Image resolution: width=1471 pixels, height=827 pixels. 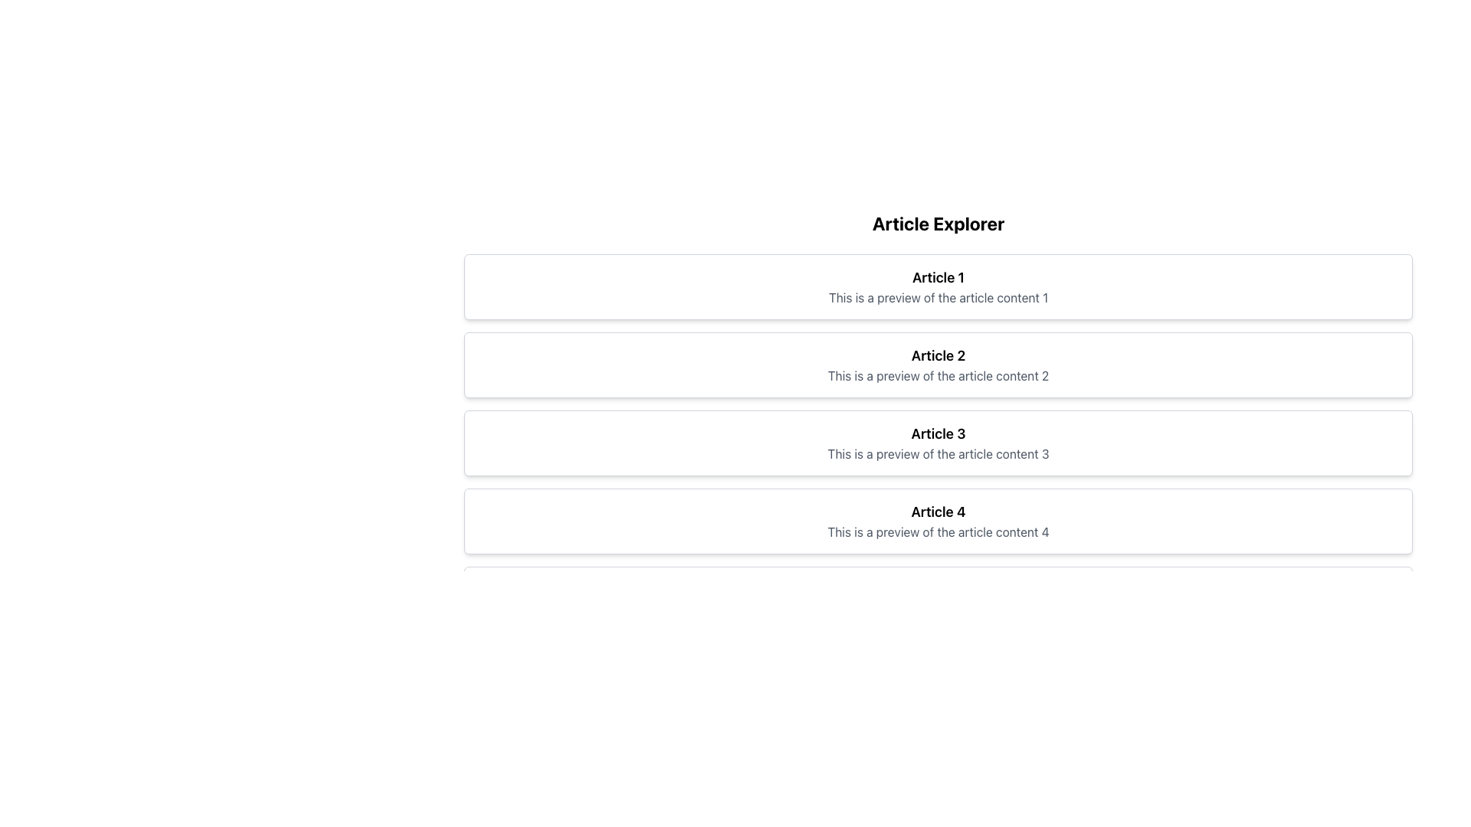 What do you see at coordinates (937, 356) in the screenshot?
I see `text label displaying 'Article 2' located at the top center of the second article card under 'Article Explorer'` at bounding box center [937, 356].